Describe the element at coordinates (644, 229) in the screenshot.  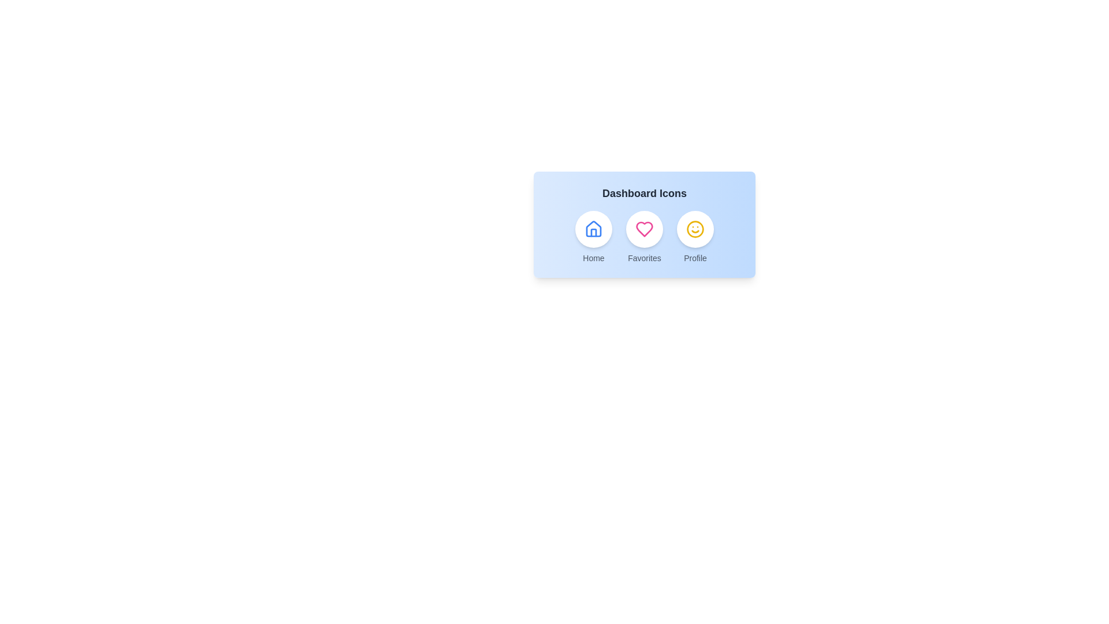
I see `the 'Favorites' button, which is the central button in a horizontal arrangement of three circular buttons labeled 'Home', 'Favorites', and 'Profile'` at that location.